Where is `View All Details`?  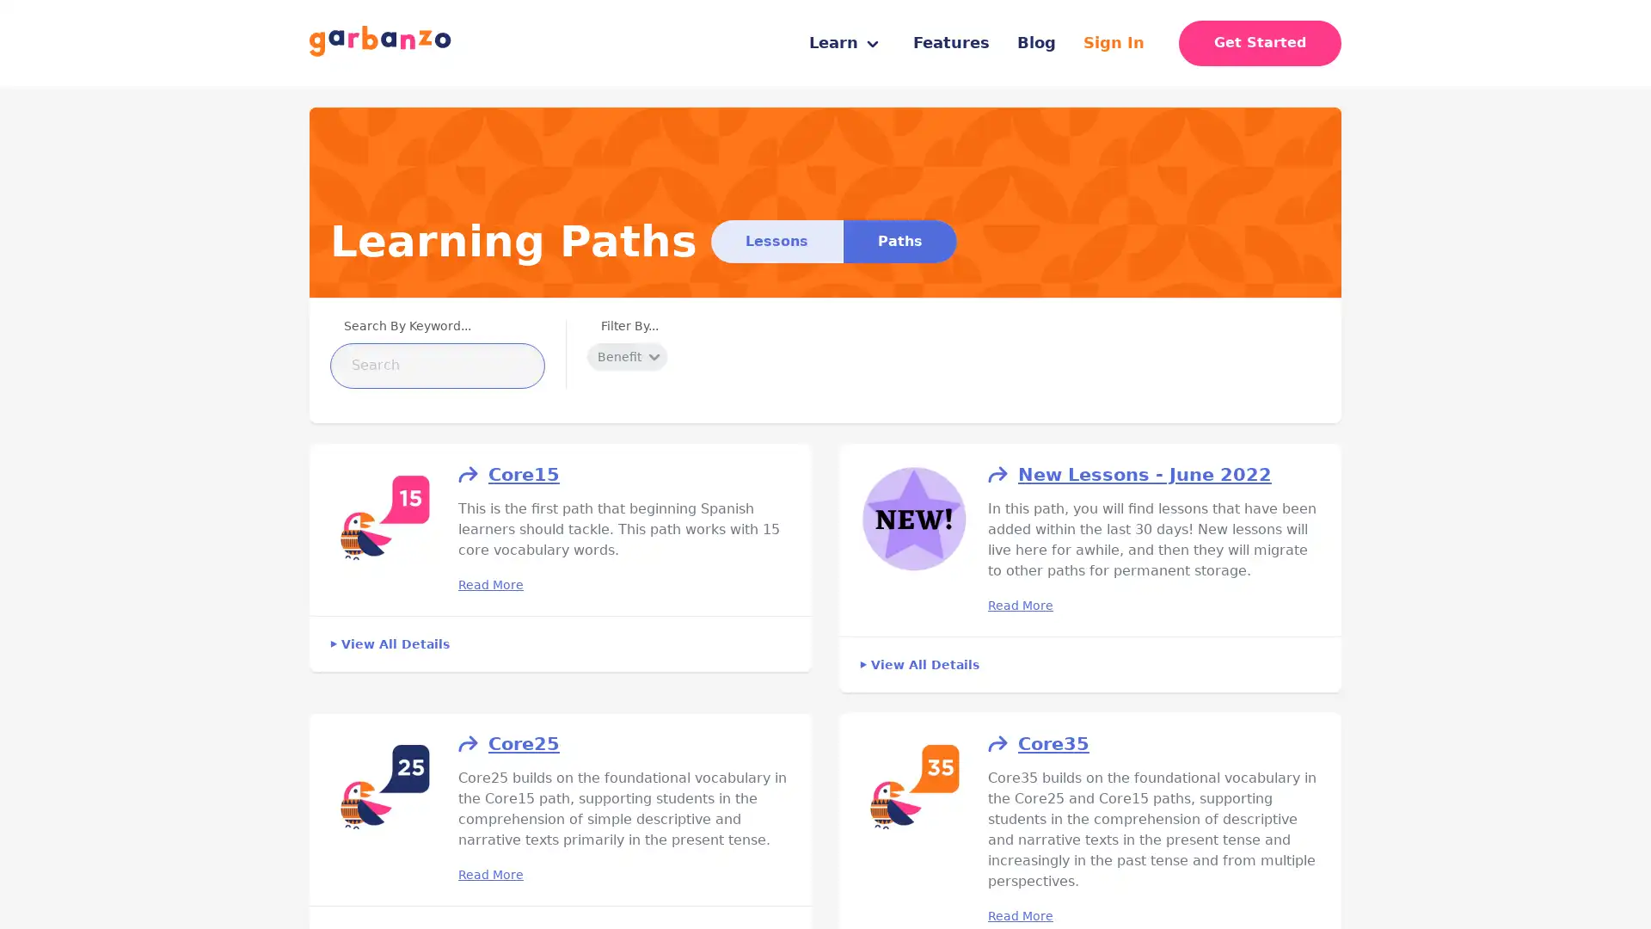
View All Details is located at coordinates (918, 662).